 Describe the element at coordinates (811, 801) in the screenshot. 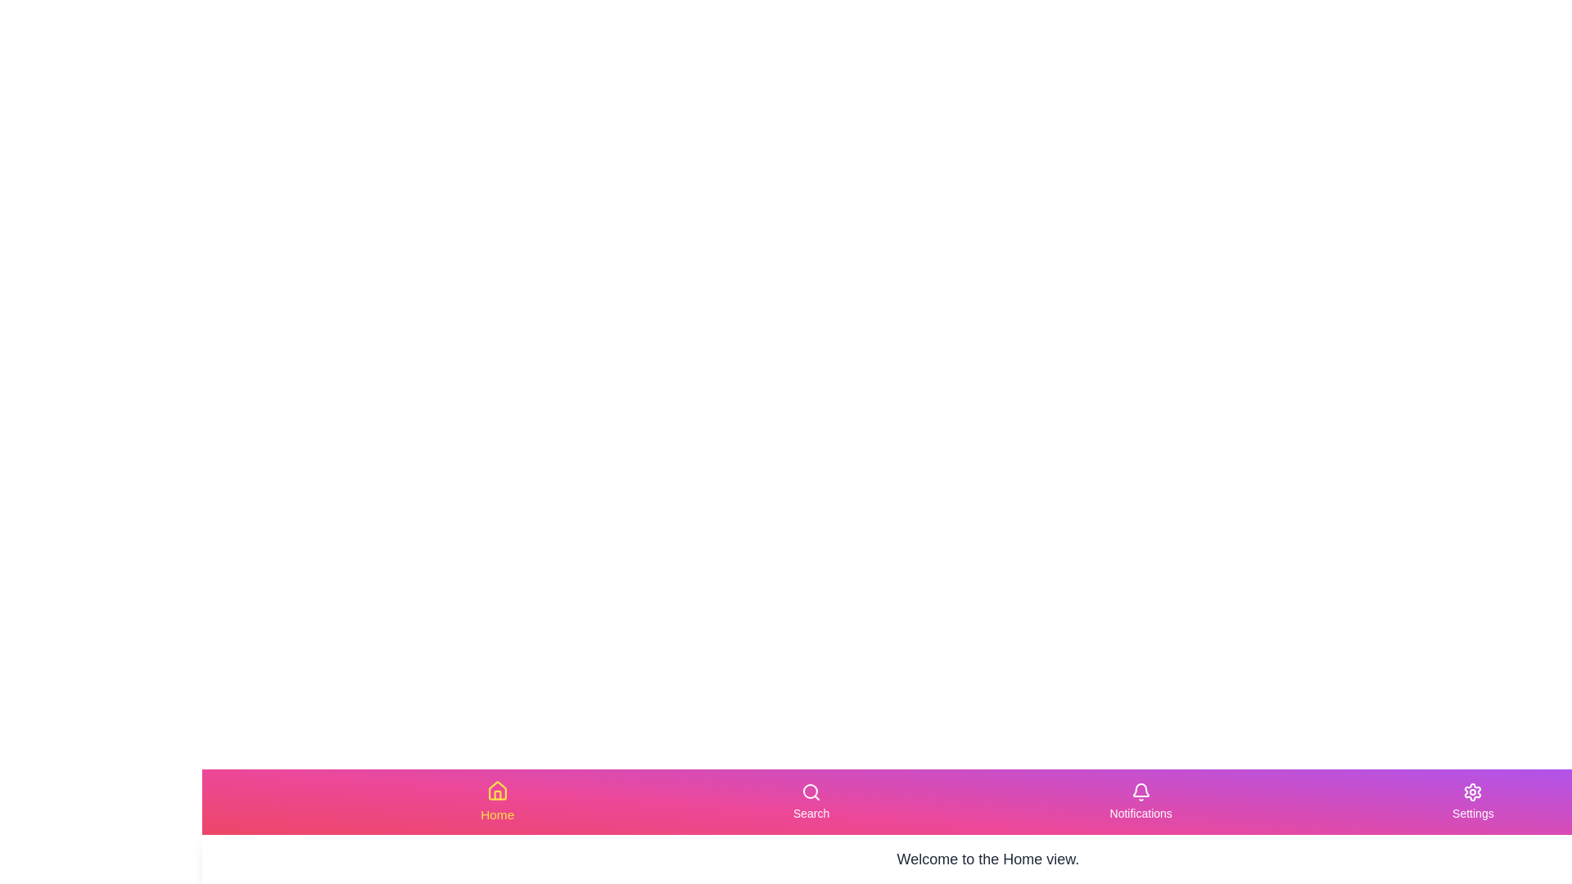

I see `the Search tab in the navigation bar` at that location.